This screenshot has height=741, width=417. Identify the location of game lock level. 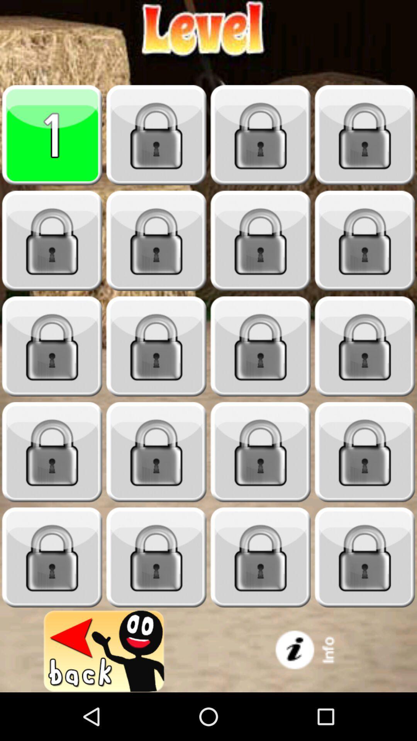
(156, 452).